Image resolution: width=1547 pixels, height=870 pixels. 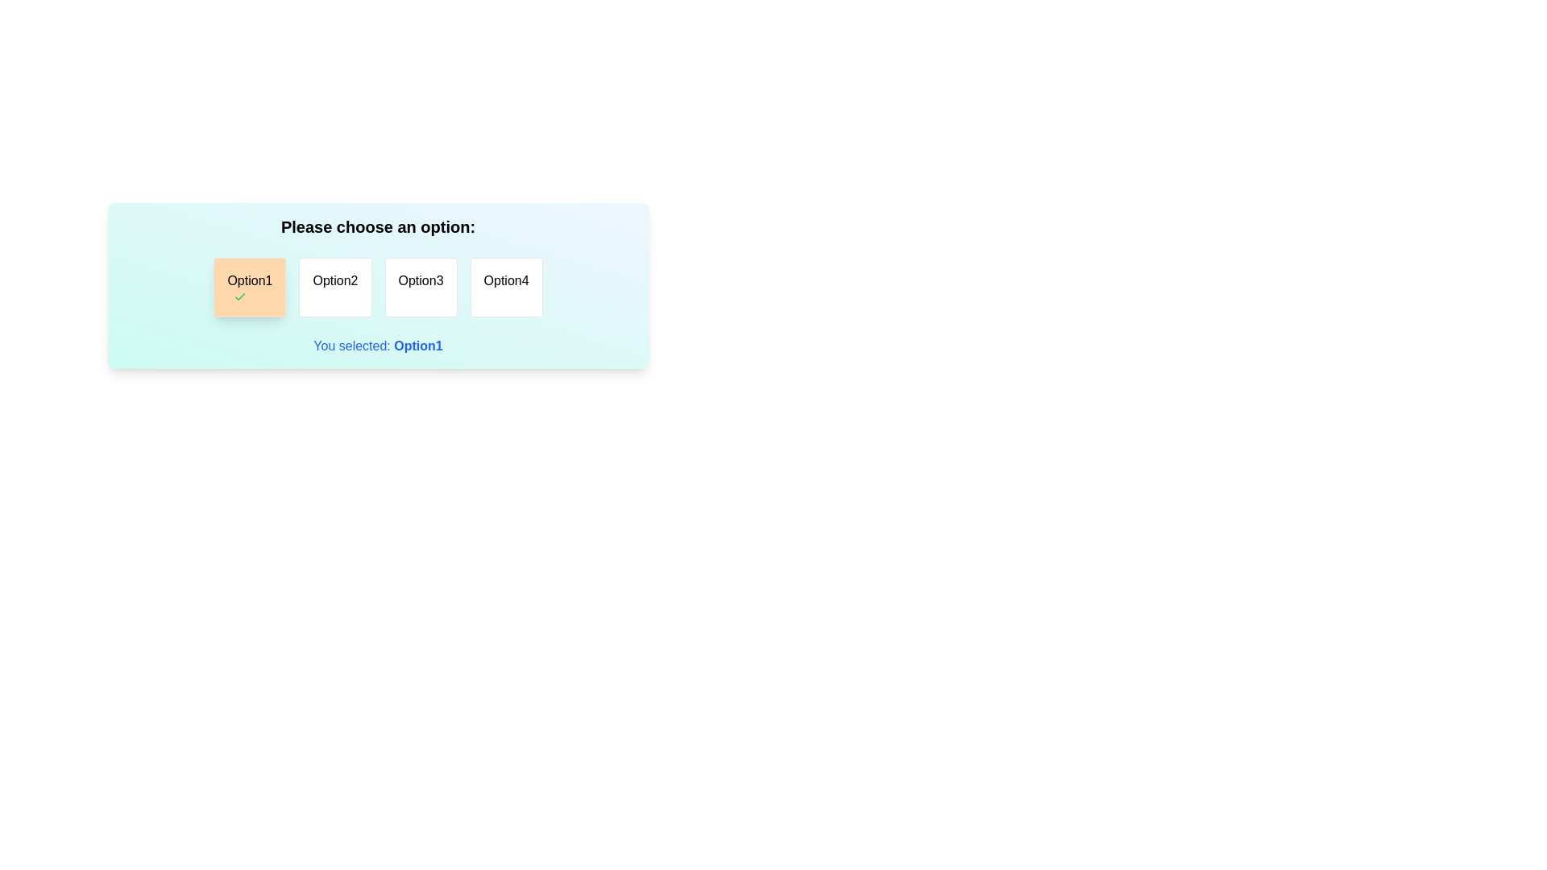 I want to click on the second button in a group of four horizontal options, so click(x=334, y=287).